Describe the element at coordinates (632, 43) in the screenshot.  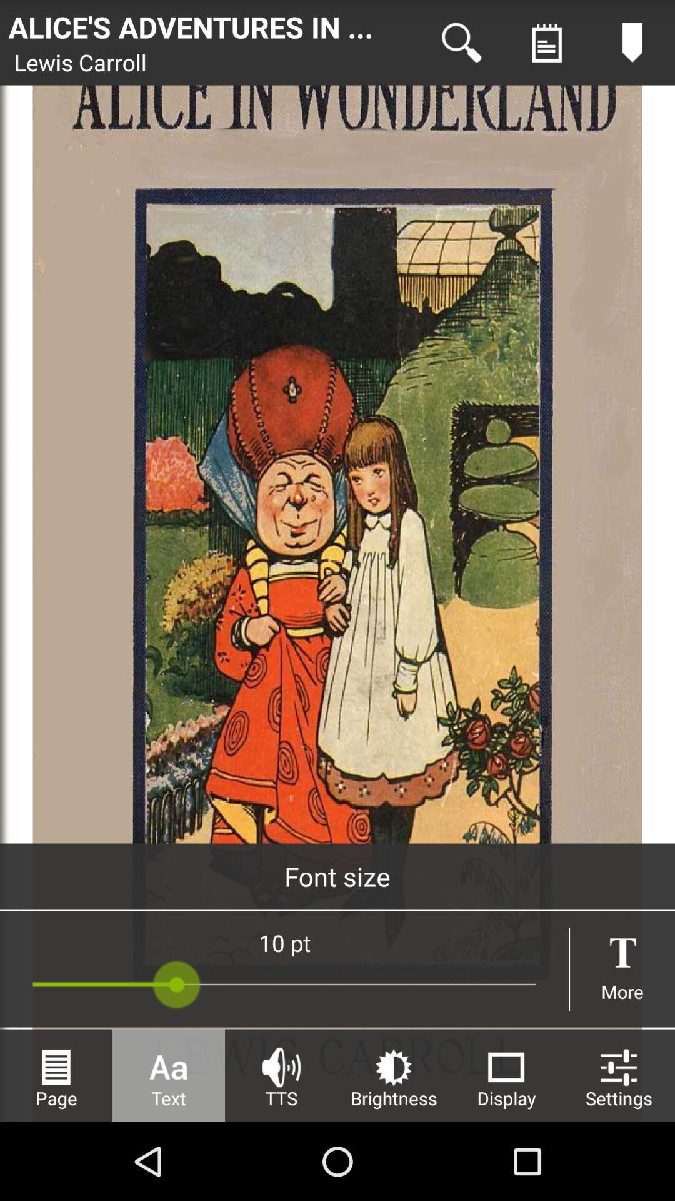
I see `bookmark this page` at that location.